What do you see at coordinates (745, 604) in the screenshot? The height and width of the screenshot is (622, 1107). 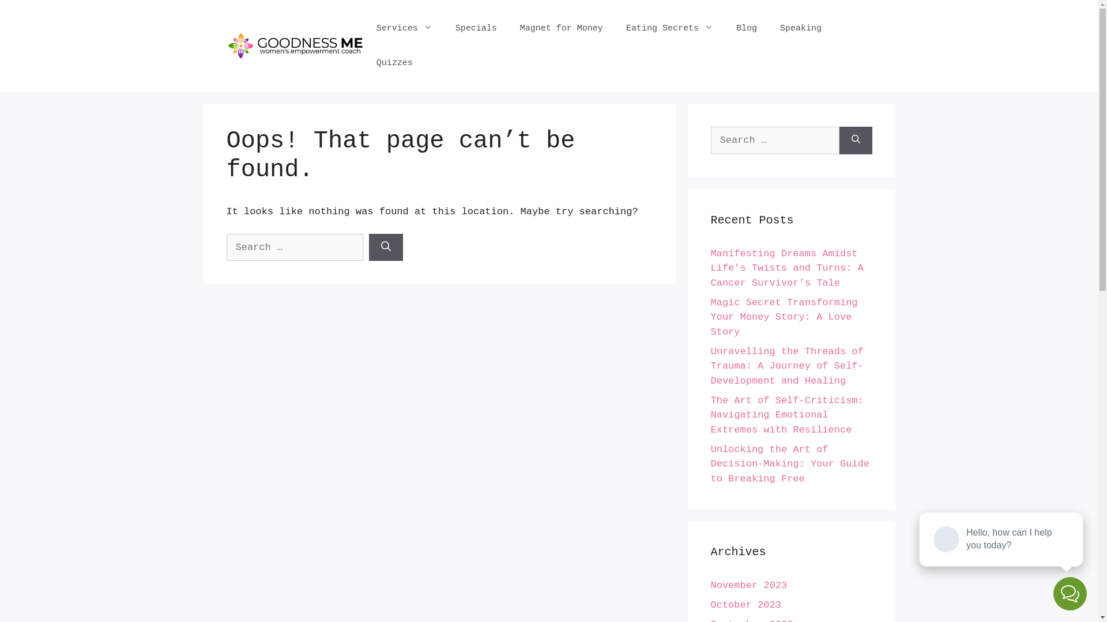 I see `'October 2023'` at bounding box center [745, 604].